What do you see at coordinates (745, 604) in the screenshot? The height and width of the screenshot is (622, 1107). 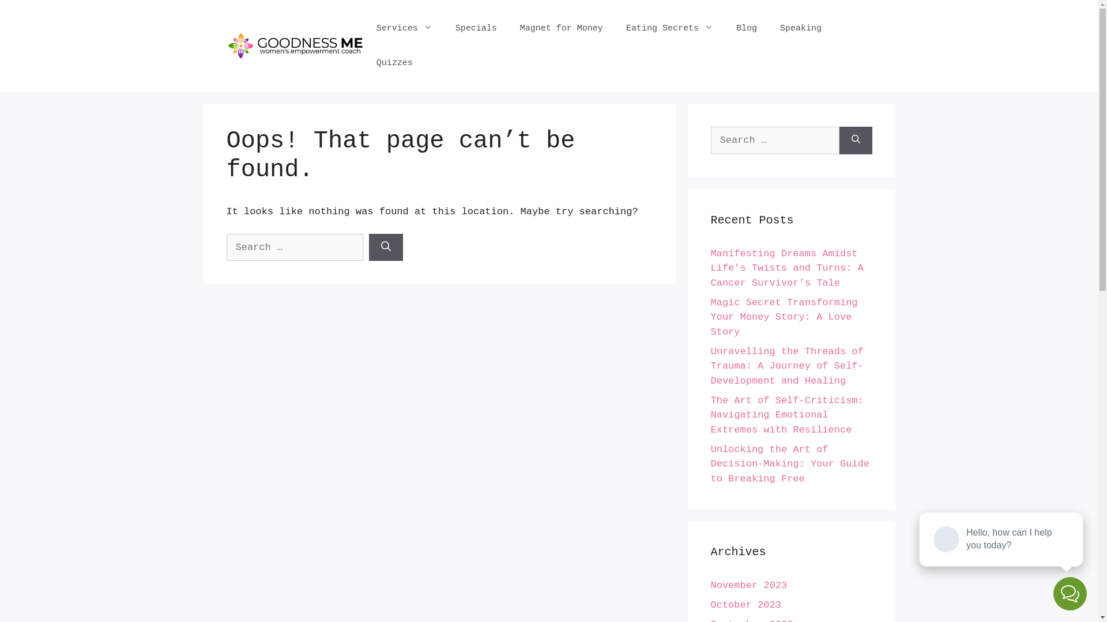 I see `'October 2023'` at bounding box center [745, 604].